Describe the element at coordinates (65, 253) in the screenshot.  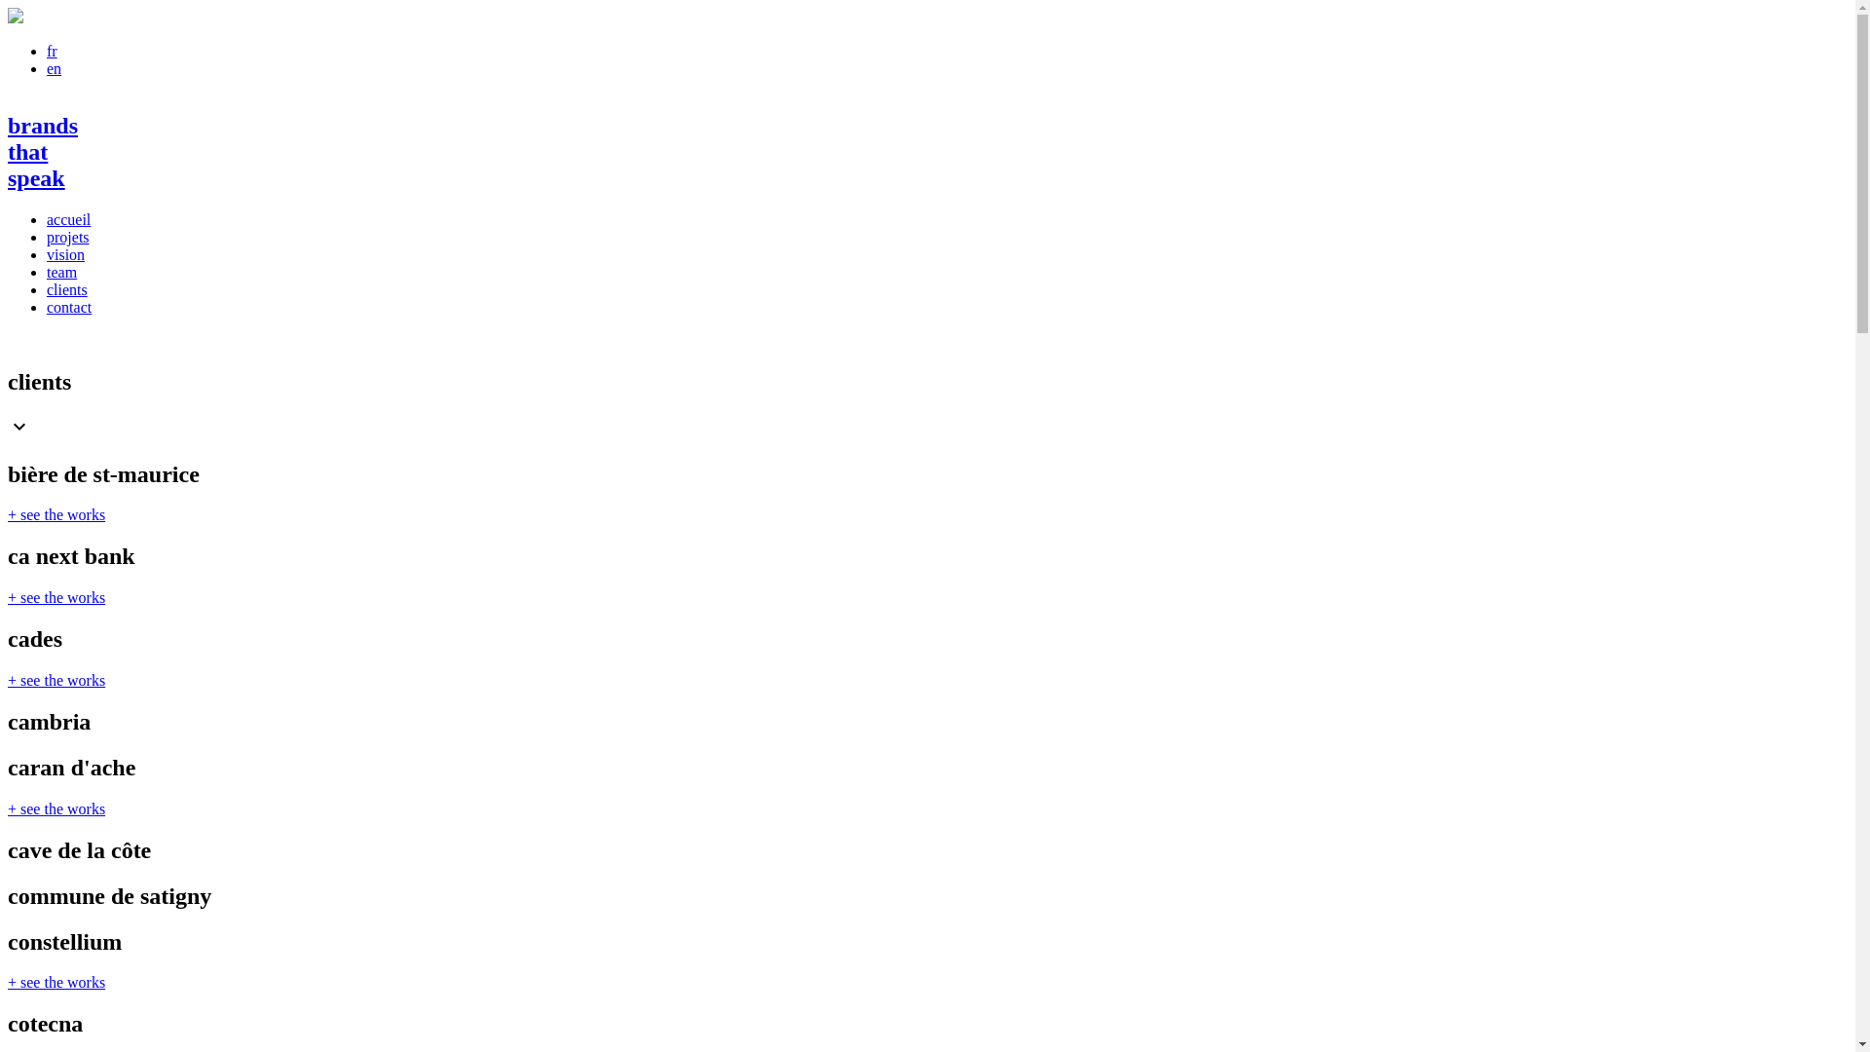
I see `'vision'` at that location.